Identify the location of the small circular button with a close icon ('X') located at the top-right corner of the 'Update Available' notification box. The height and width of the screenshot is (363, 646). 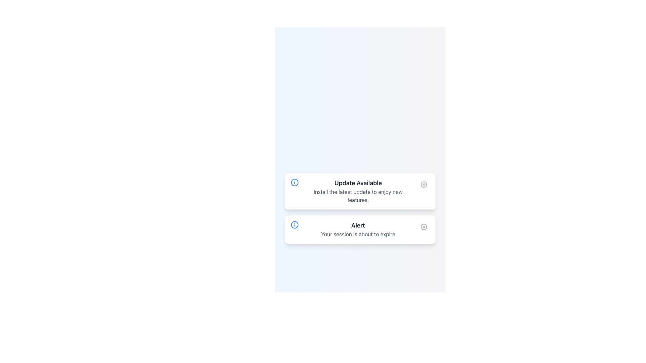
(423, 184).